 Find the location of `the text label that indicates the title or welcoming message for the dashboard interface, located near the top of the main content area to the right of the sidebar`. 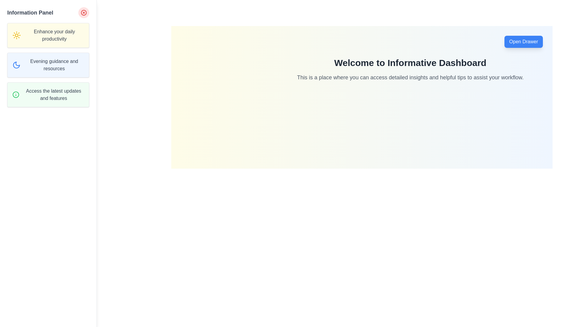

the text label that indicates the title or welcoming message for the dashboard interface, located near the top of the main content area to the right of the sidebar is located at coordinates (410, 63).